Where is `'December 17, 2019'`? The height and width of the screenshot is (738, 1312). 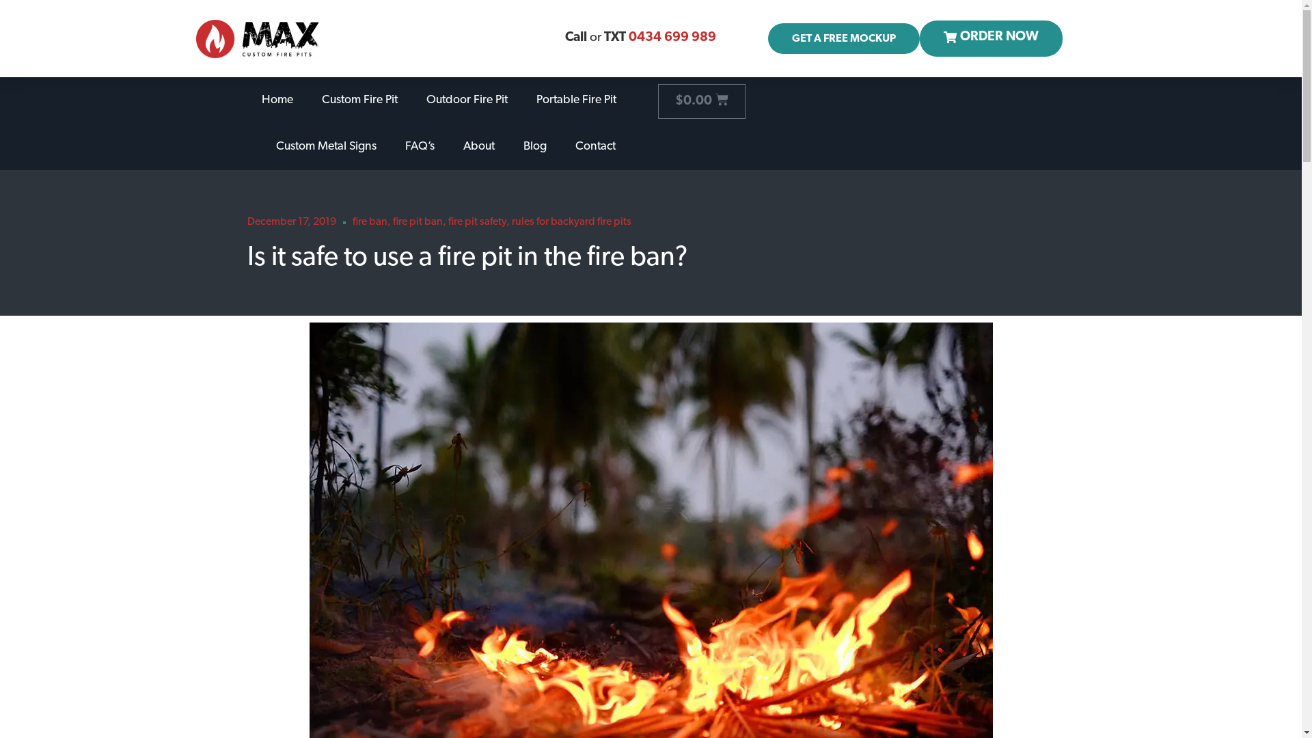
'December 17, 2019' is located at coordinates (291, 222).